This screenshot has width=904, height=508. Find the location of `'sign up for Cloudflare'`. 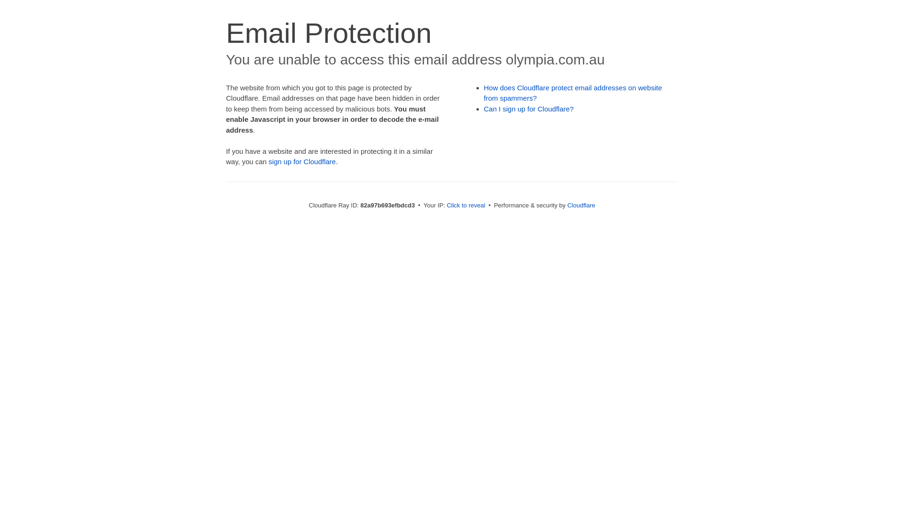

'sign up for Cloudflare' is located at coordinates (302, 161).